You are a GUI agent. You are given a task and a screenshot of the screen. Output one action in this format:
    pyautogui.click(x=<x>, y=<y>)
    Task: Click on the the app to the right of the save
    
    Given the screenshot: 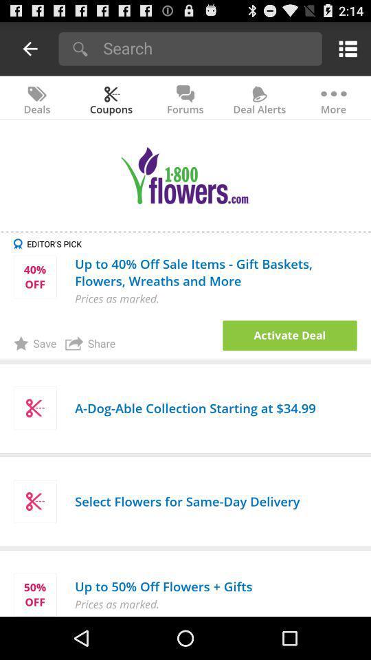 What is the action you would take?
    pyautogui.click(x=90, y=342)
    